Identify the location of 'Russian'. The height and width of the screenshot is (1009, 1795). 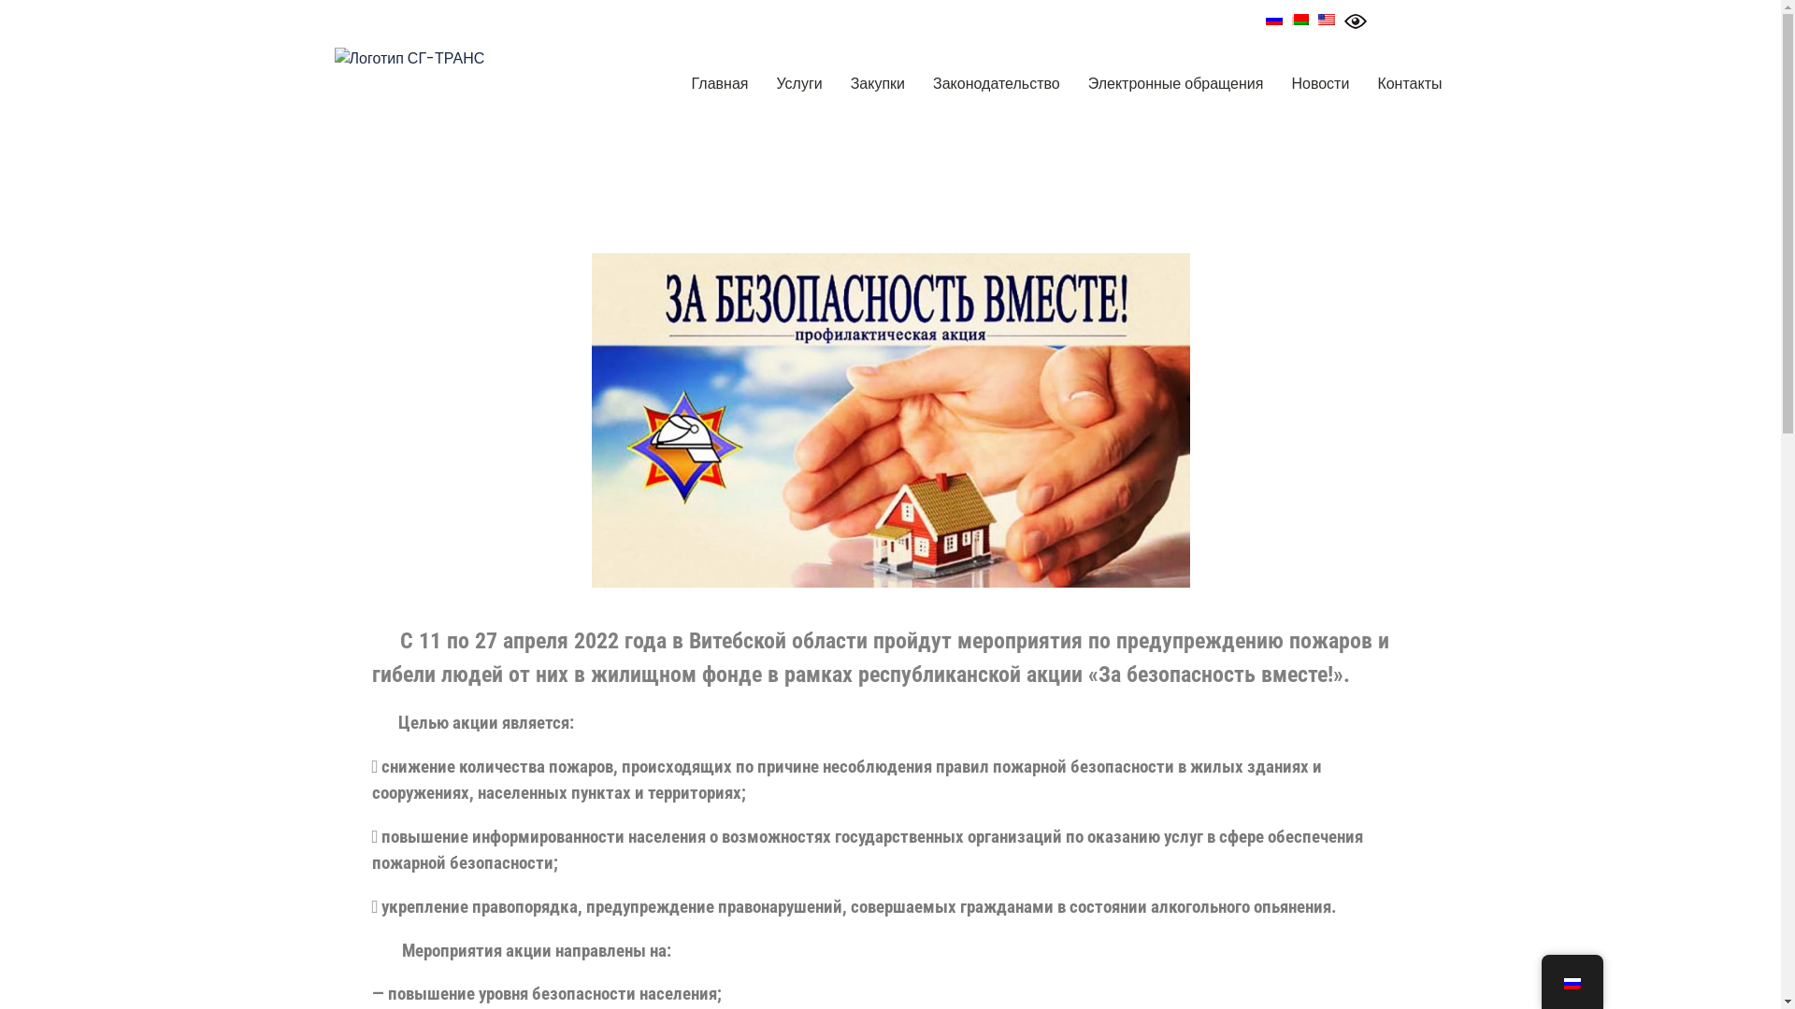
(1273, 19).